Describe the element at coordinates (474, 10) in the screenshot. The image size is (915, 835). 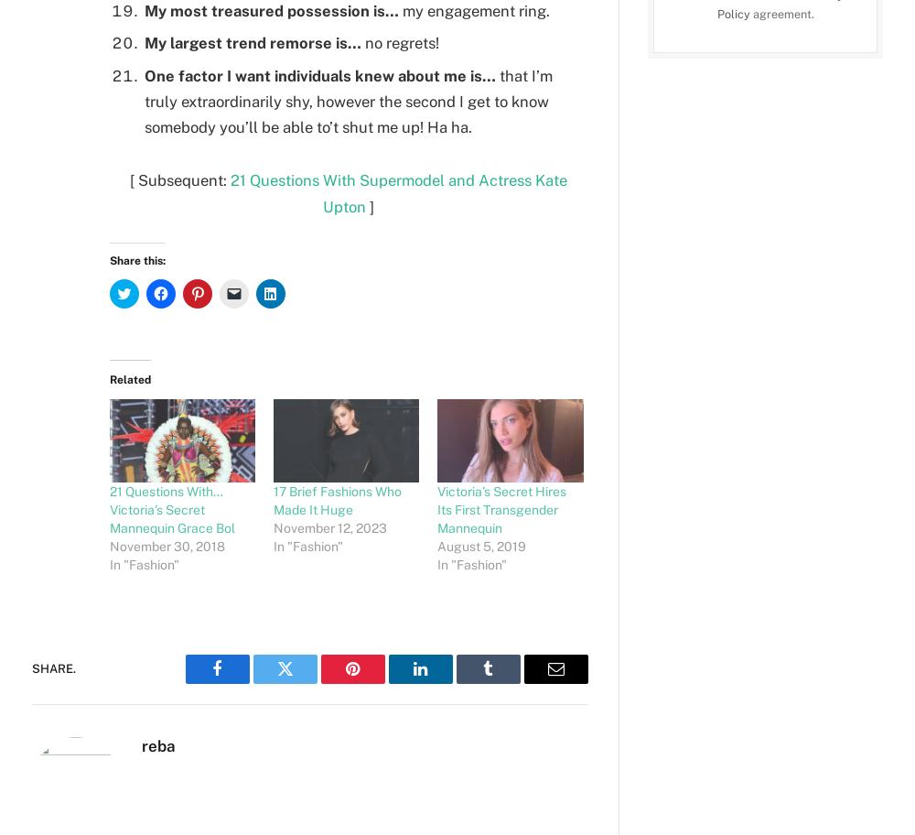
I see `'my engagement ring.'` at that location.